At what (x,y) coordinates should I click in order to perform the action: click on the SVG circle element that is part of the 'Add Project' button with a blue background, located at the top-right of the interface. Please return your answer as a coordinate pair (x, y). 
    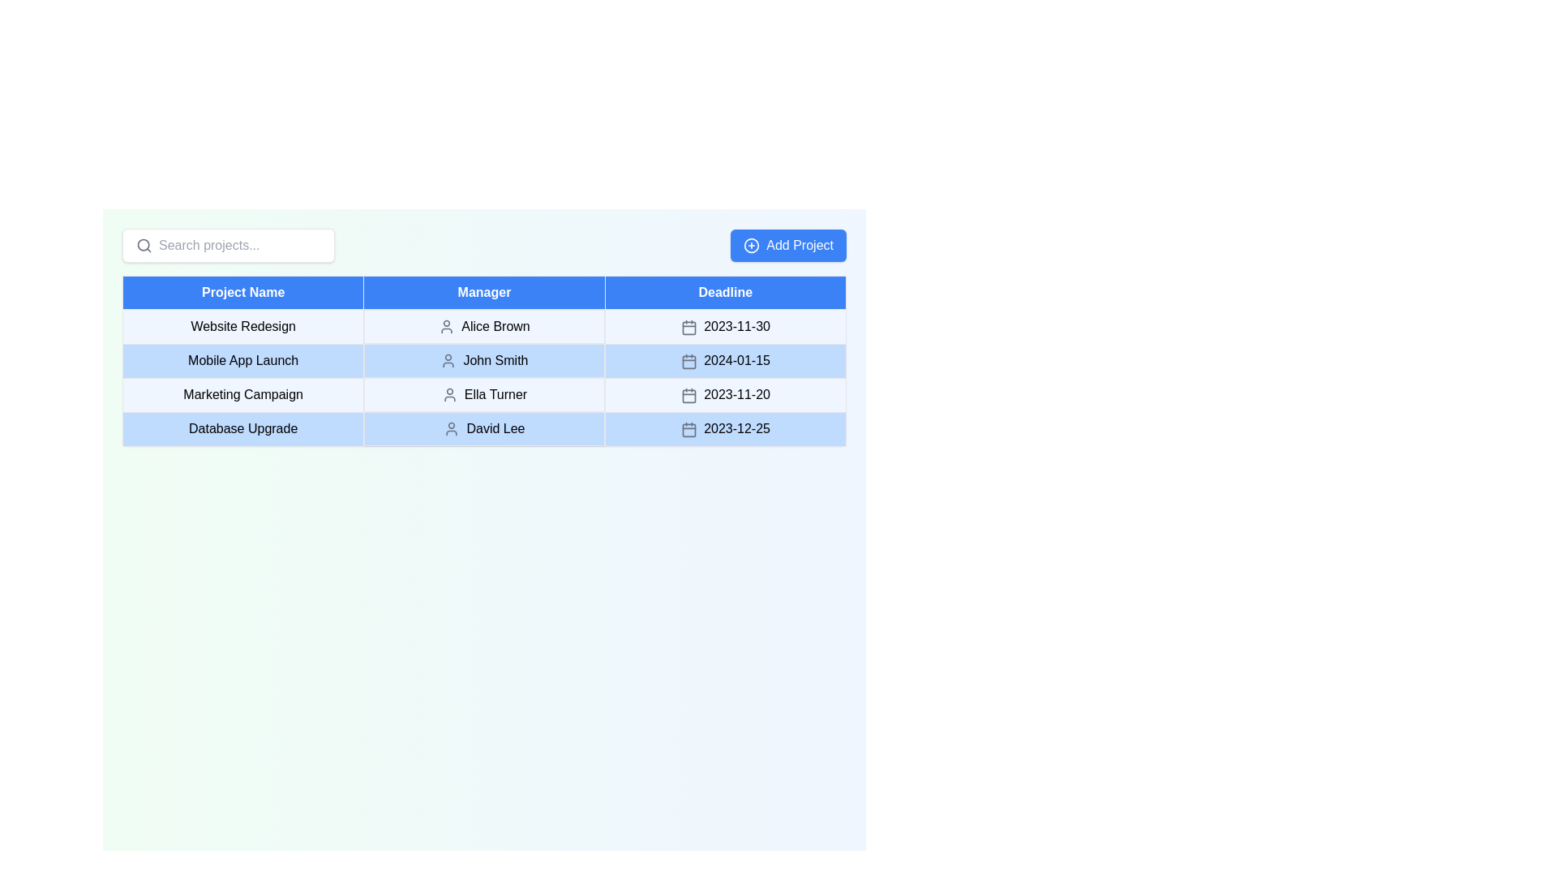
    Looking at the image, I should click on (751, 246).